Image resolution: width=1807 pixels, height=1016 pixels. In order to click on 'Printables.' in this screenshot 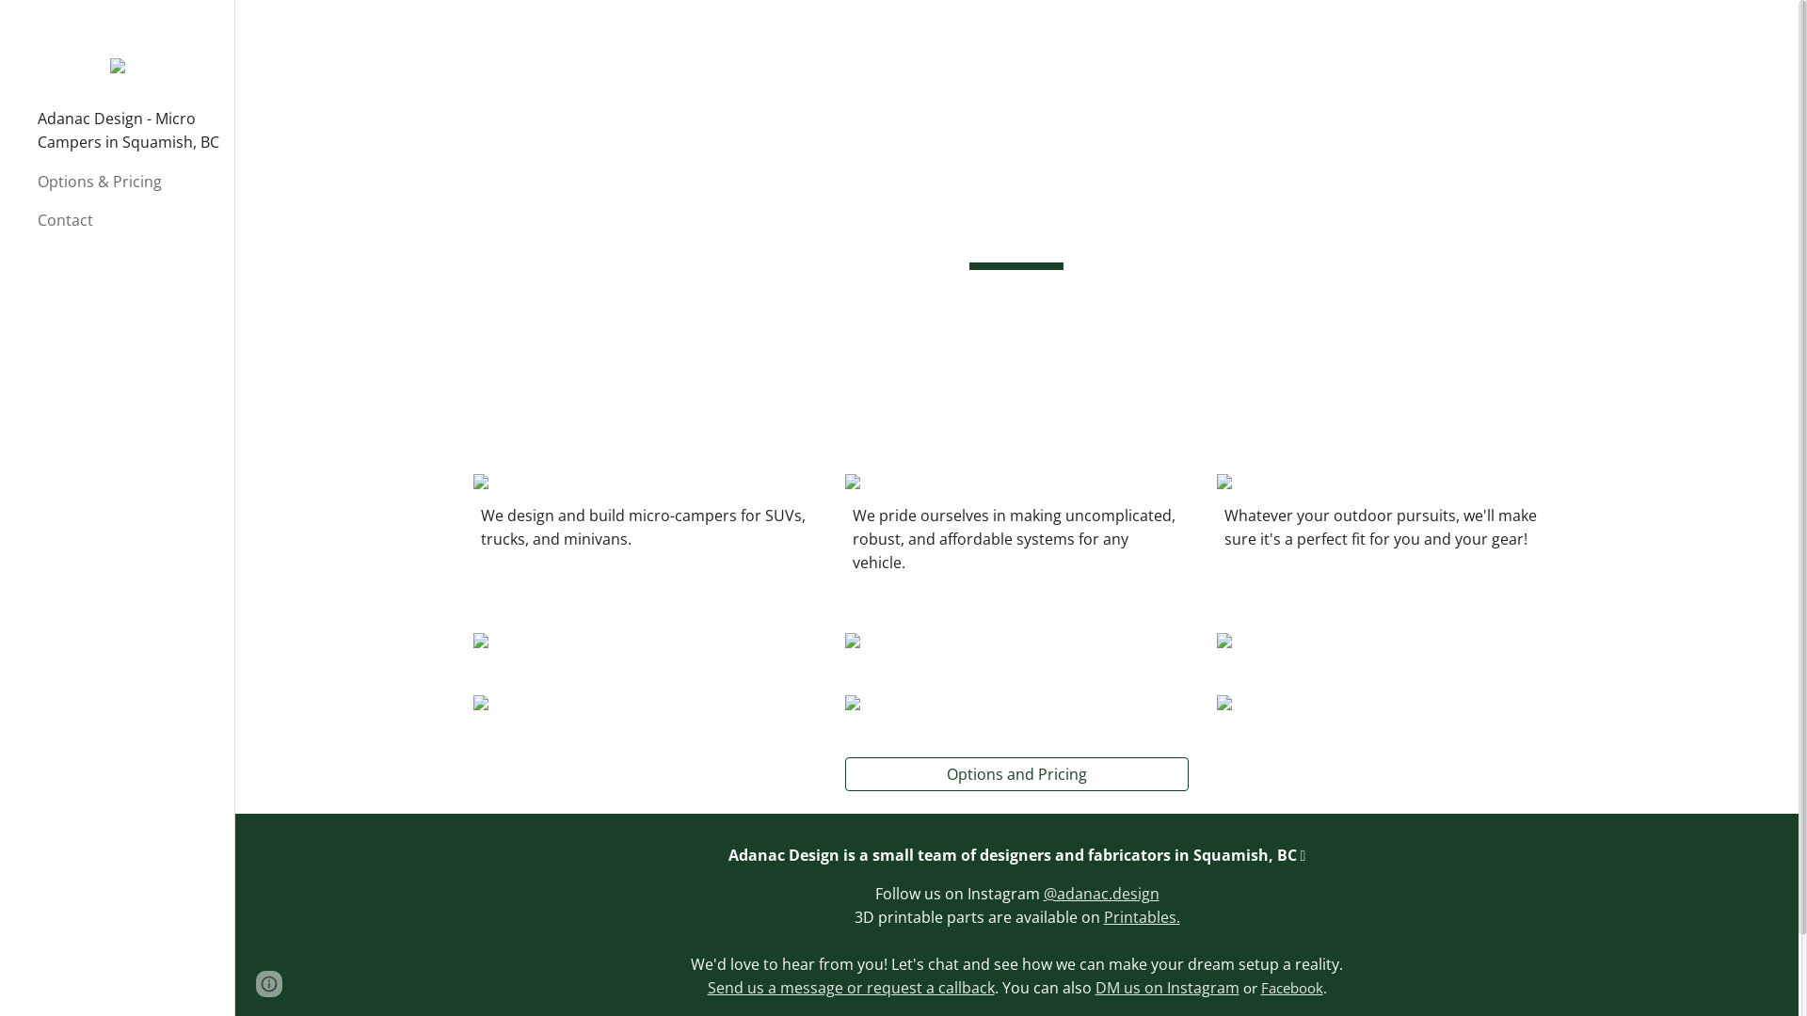, I will do `click(1183, 928)`.